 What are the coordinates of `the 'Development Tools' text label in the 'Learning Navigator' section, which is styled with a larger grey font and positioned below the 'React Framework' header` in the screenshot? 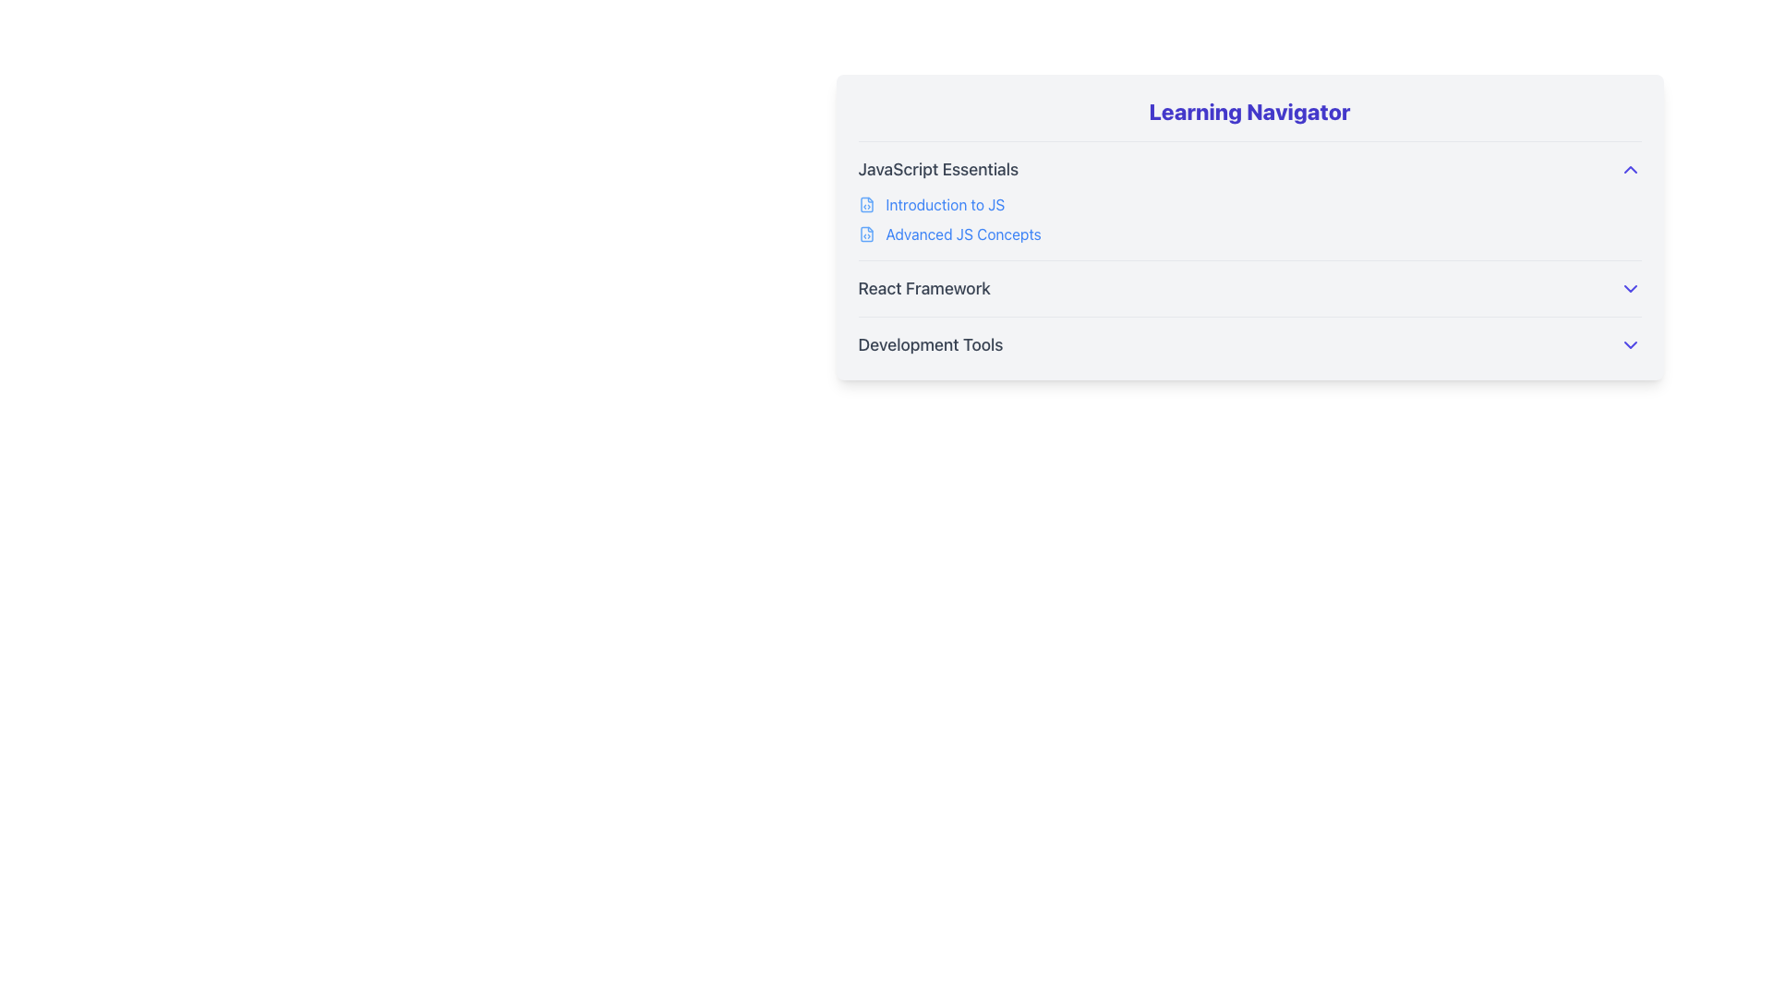 It's located at (931, 345).